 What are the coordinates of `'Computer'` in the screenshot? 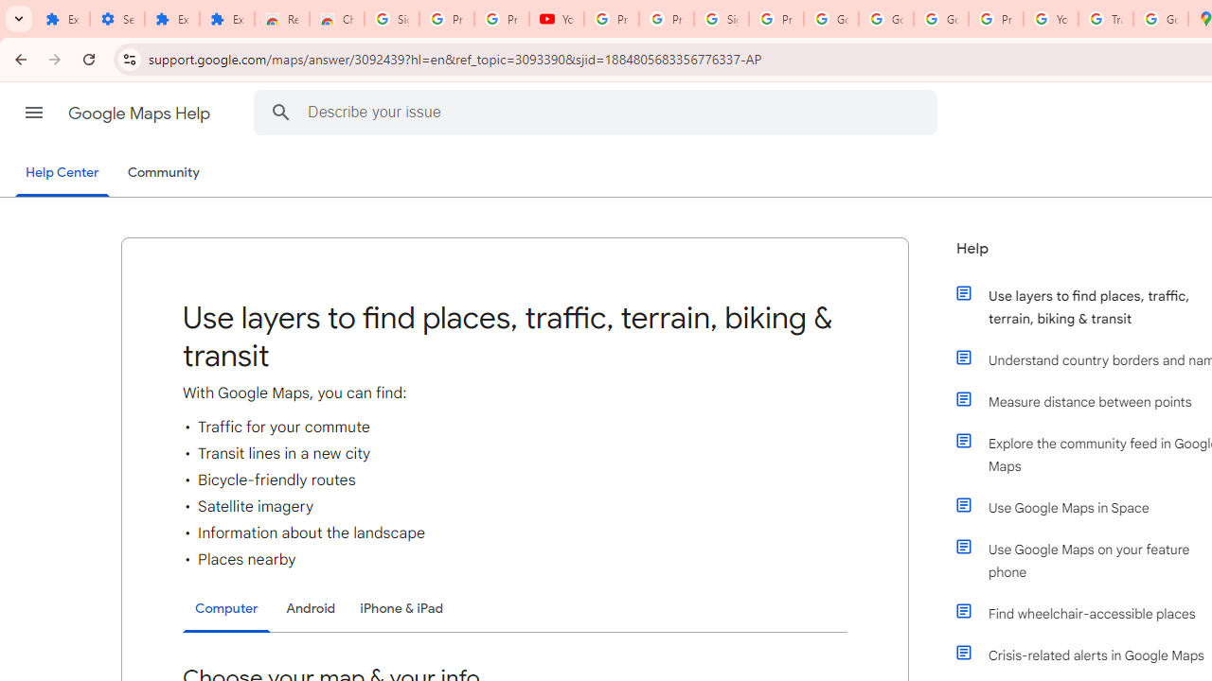 It's located at (226, 609).